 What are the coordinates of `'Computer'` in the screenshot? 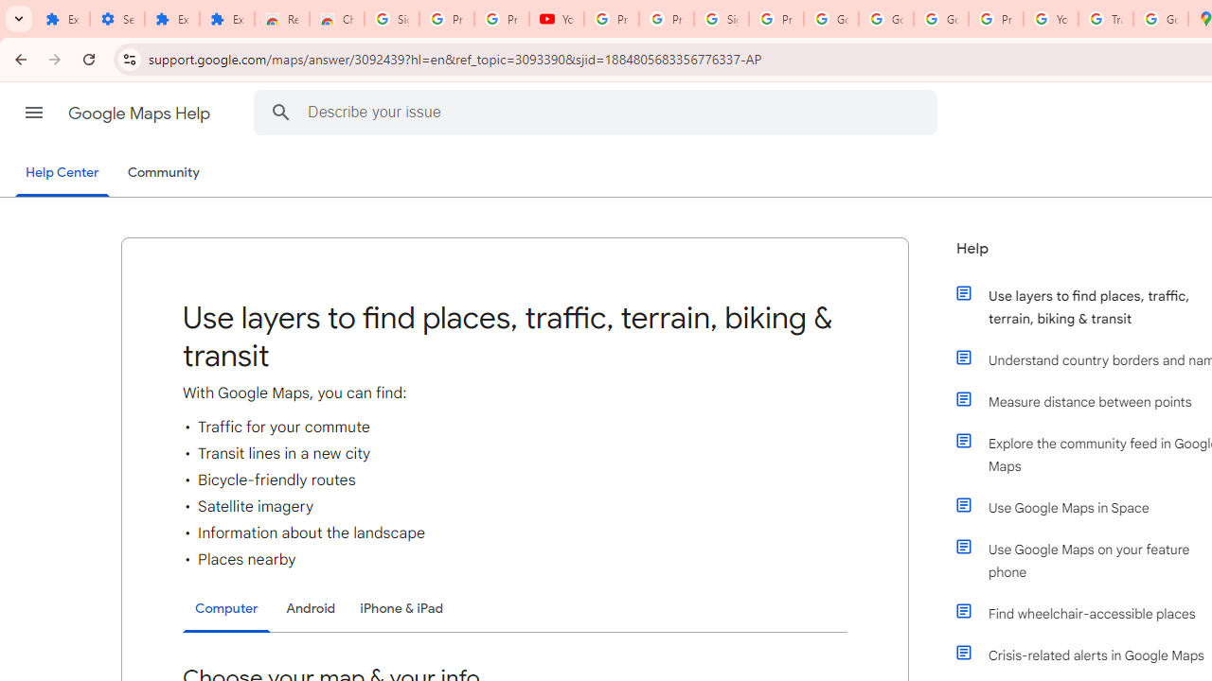 It's located at (226, 609).